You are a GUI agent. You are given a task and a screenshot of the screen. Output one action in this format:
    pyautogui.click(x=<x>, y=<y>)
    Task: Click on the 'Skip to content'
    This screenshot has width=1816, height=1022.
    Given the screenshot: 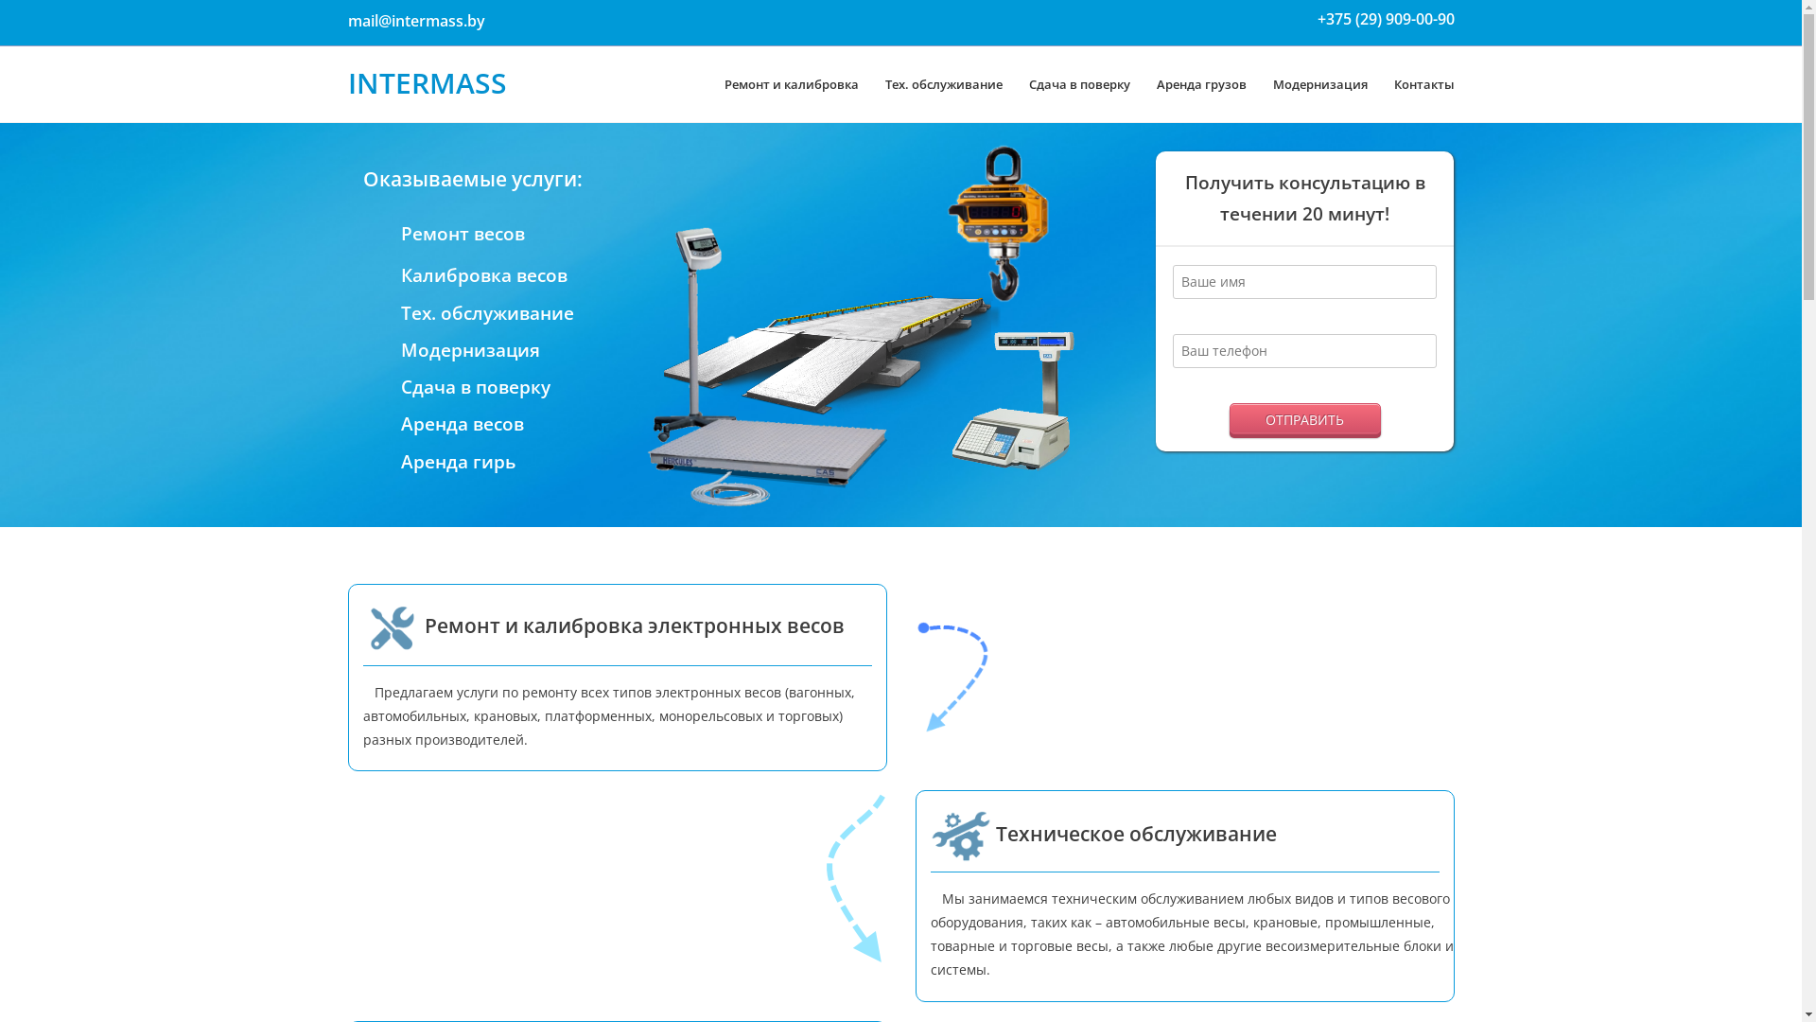 What is the action you would take?
    pyautogui.click(x=46, y=11)
    